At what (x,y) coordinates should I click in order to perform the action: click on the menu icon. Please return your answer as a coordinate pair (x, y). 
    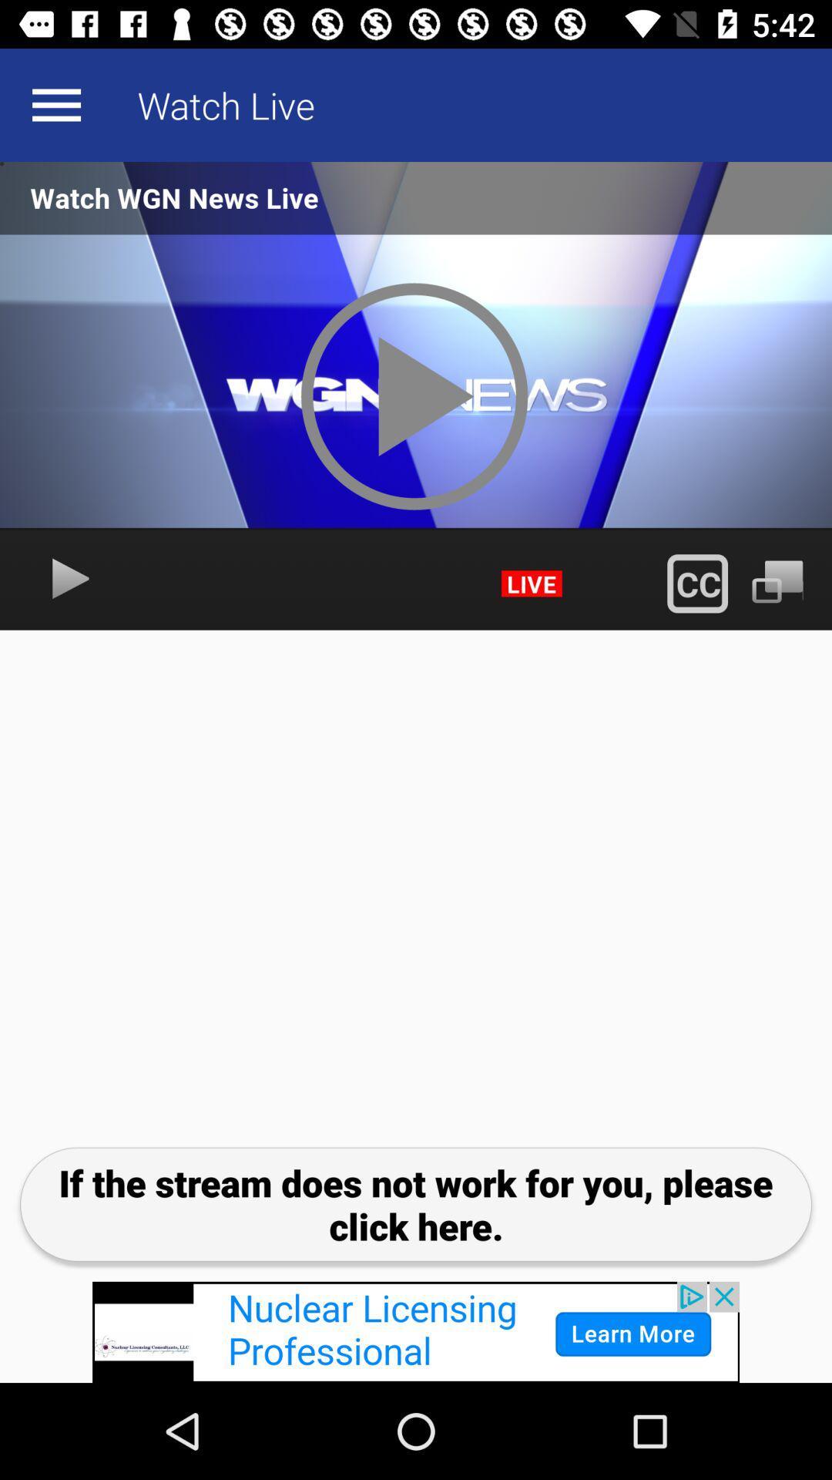
    Looking at the image, I should click on (55, 104).